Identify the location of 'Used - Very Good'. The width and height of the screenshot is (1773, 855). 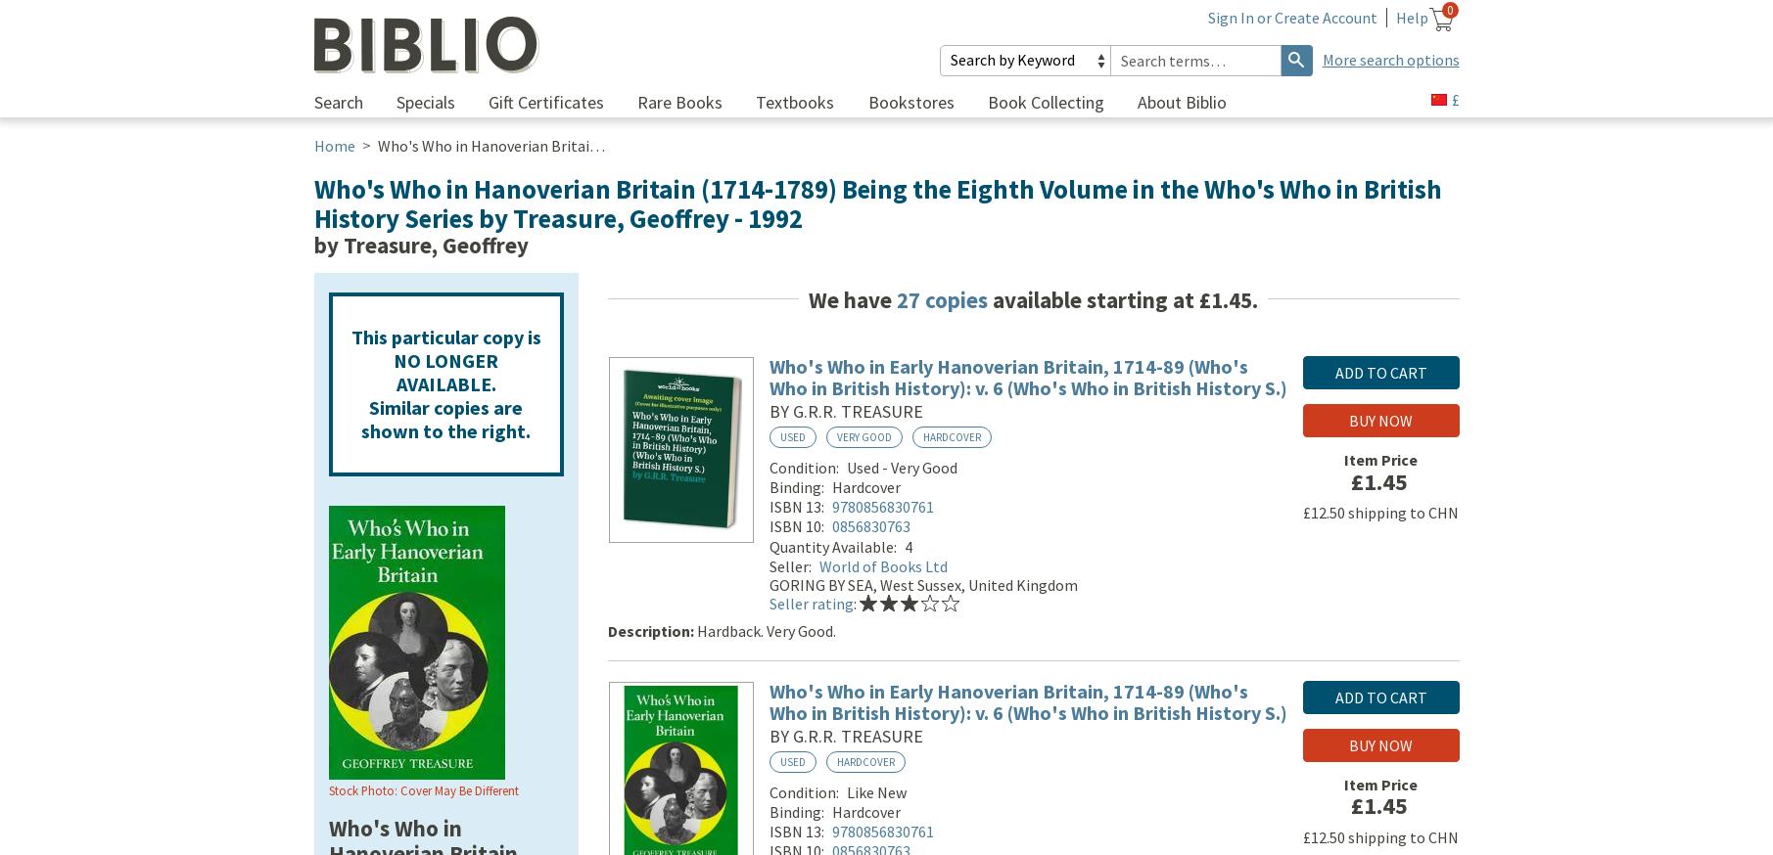
(900, 469).